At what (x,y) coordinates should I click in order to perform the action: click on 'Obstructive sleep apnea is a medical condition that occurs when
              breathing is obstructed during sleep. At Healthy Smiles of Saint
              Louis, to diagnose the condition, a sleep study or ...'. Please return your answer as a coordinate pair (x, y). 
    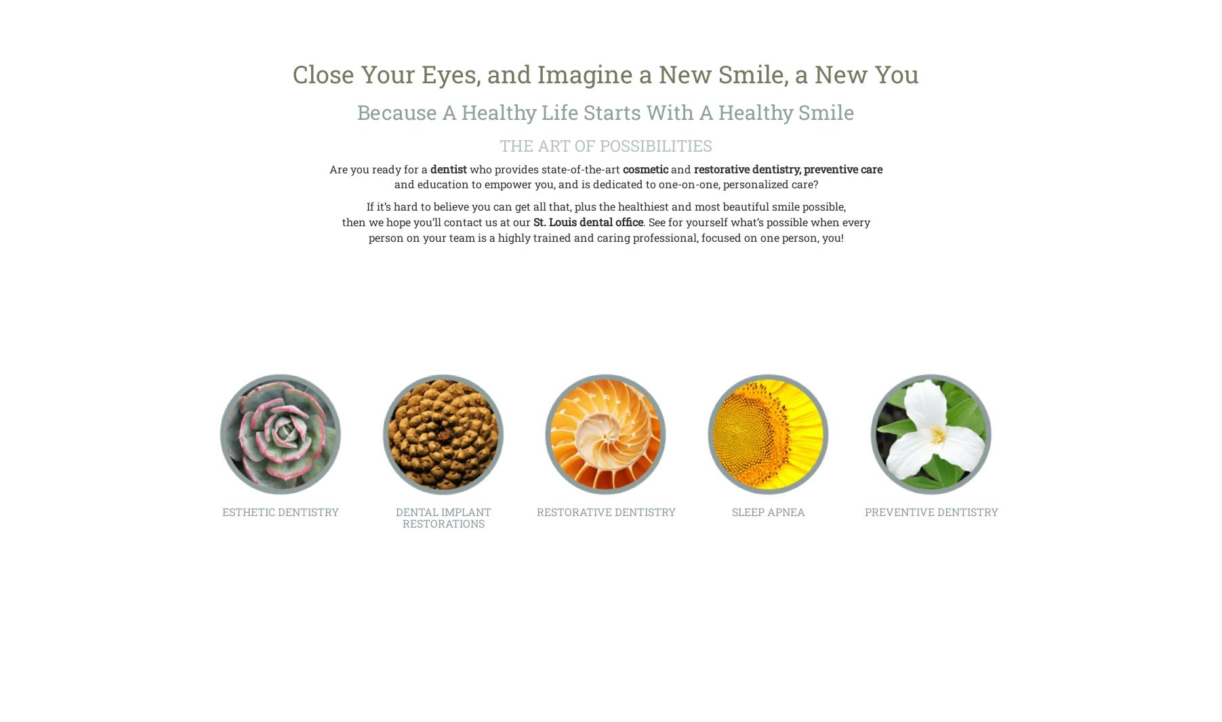
    Looking at the image, I should click on (768, 484).